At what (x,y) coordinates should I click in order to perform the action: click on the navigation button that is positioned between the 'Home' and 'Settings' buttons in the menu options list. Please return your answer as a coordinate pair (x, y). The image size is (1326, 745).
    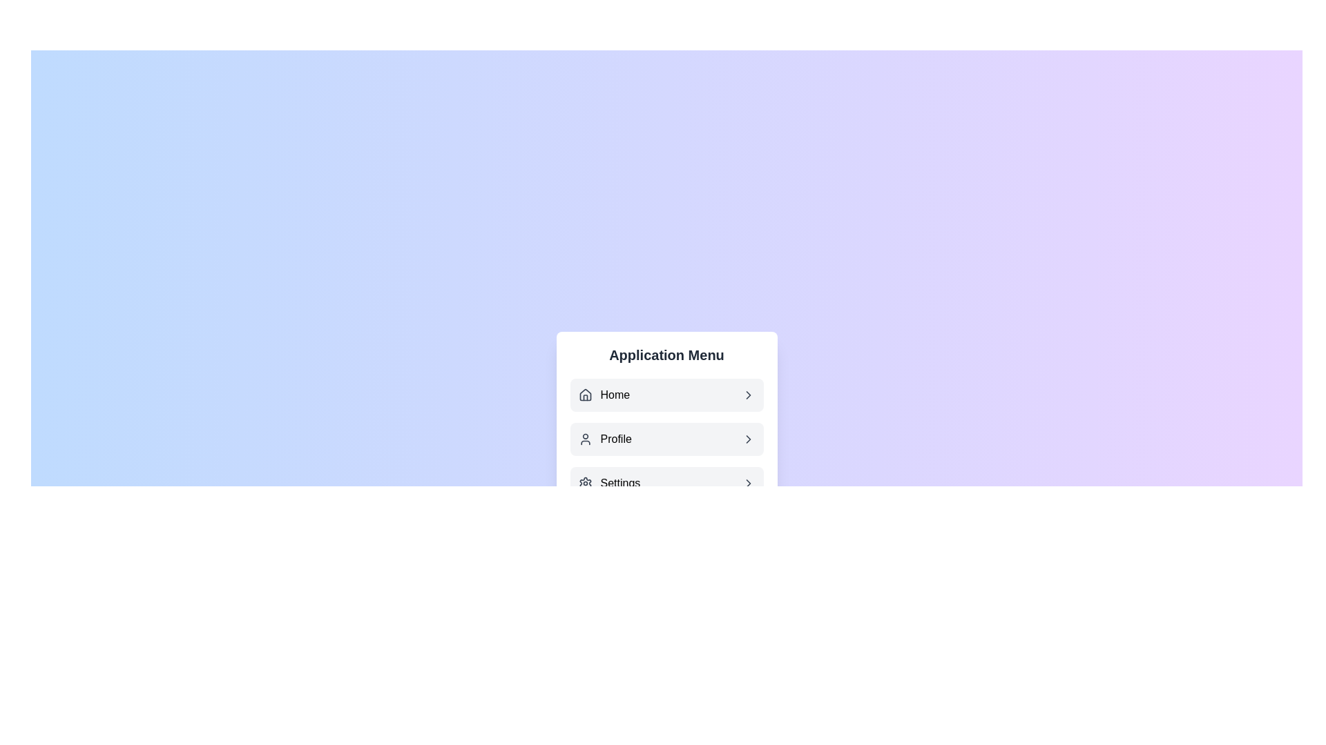
    Looking at the image, I should click on (666, 439).